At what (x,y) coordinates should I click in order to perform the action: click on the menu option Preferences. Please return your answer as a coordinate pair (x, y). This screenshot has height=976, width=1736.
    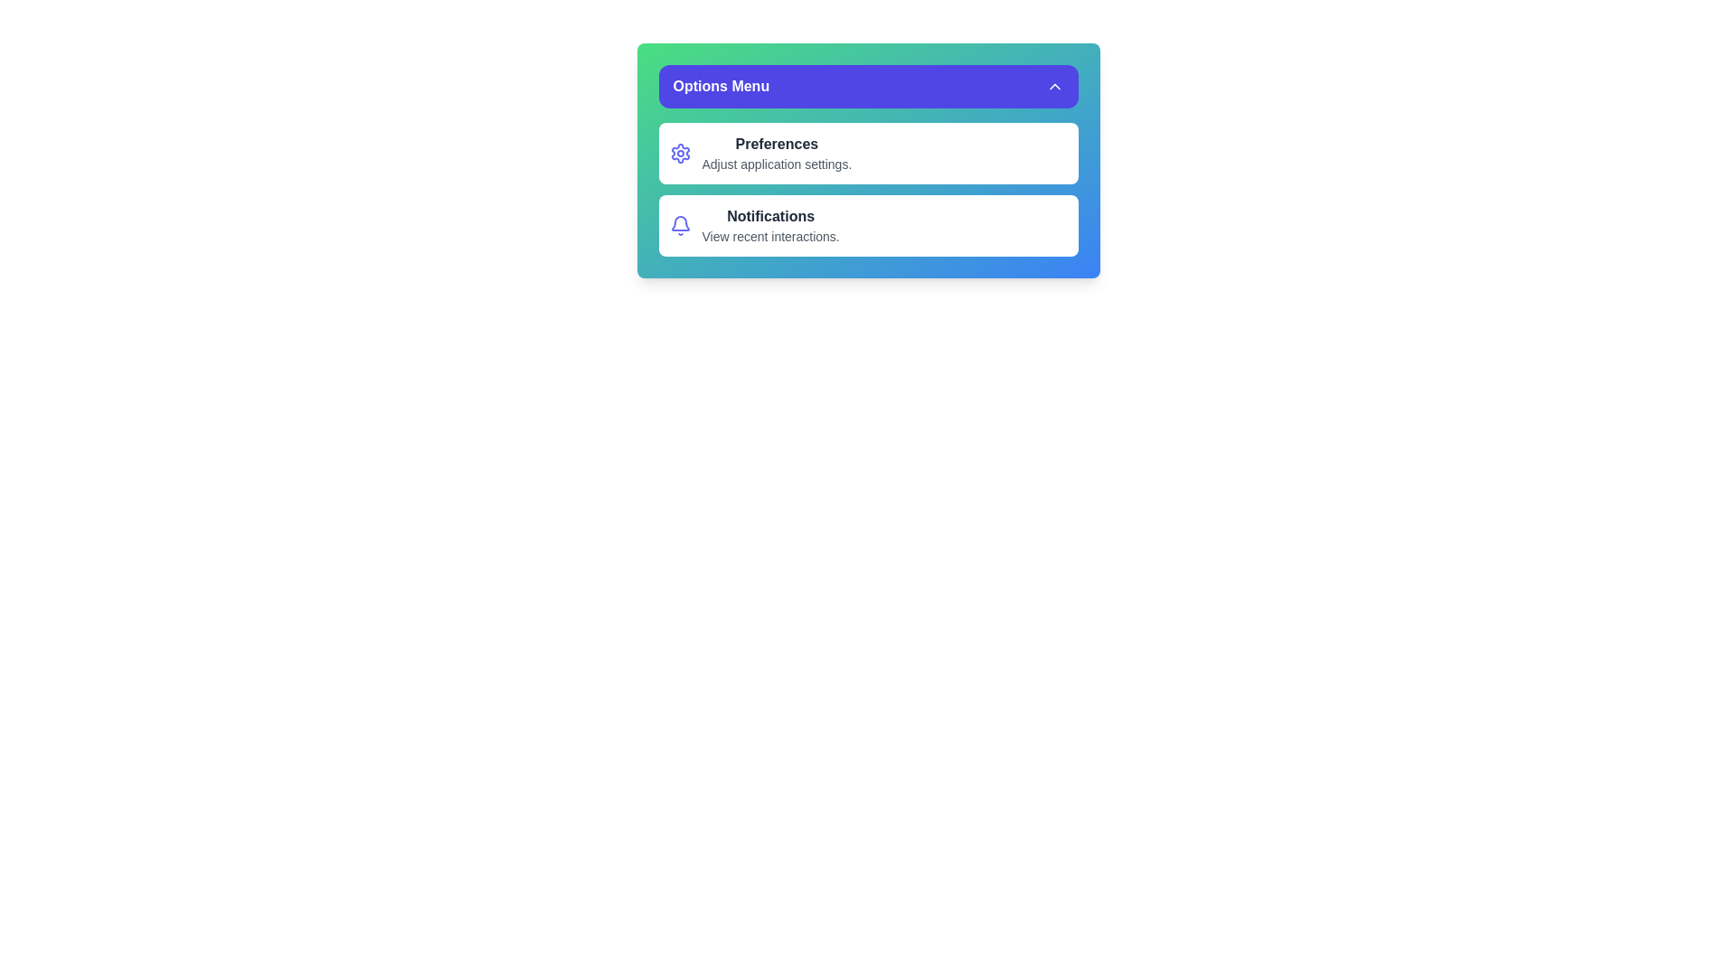
    Looking at the image, I should click on (868, 152).